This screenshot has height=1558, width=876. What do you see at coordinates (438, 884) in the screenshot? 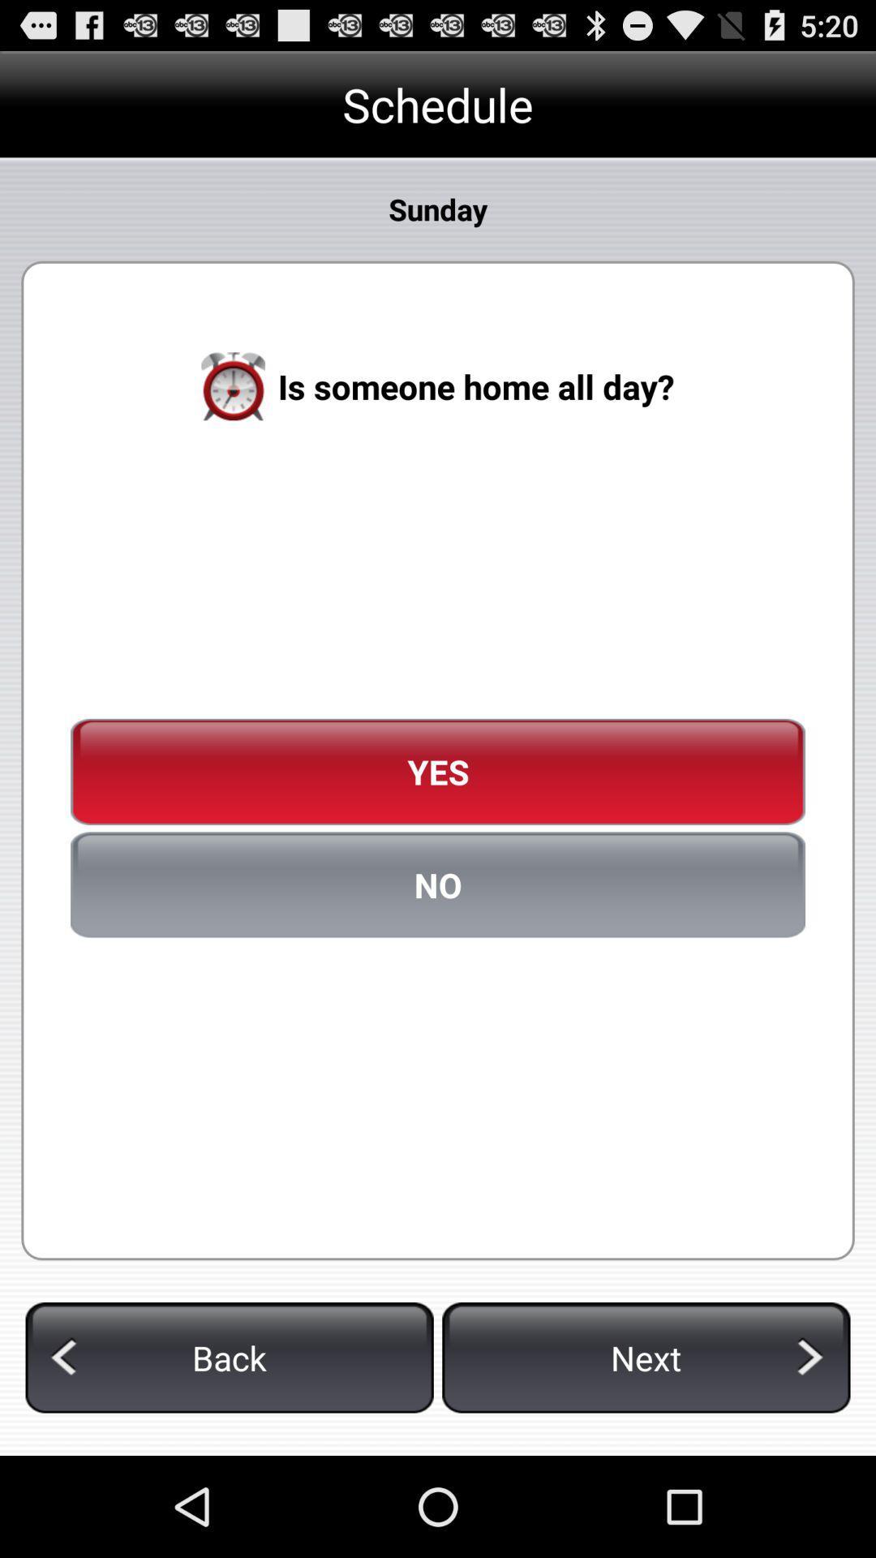
I see `the item above back button` at bounding box center [438, 884].